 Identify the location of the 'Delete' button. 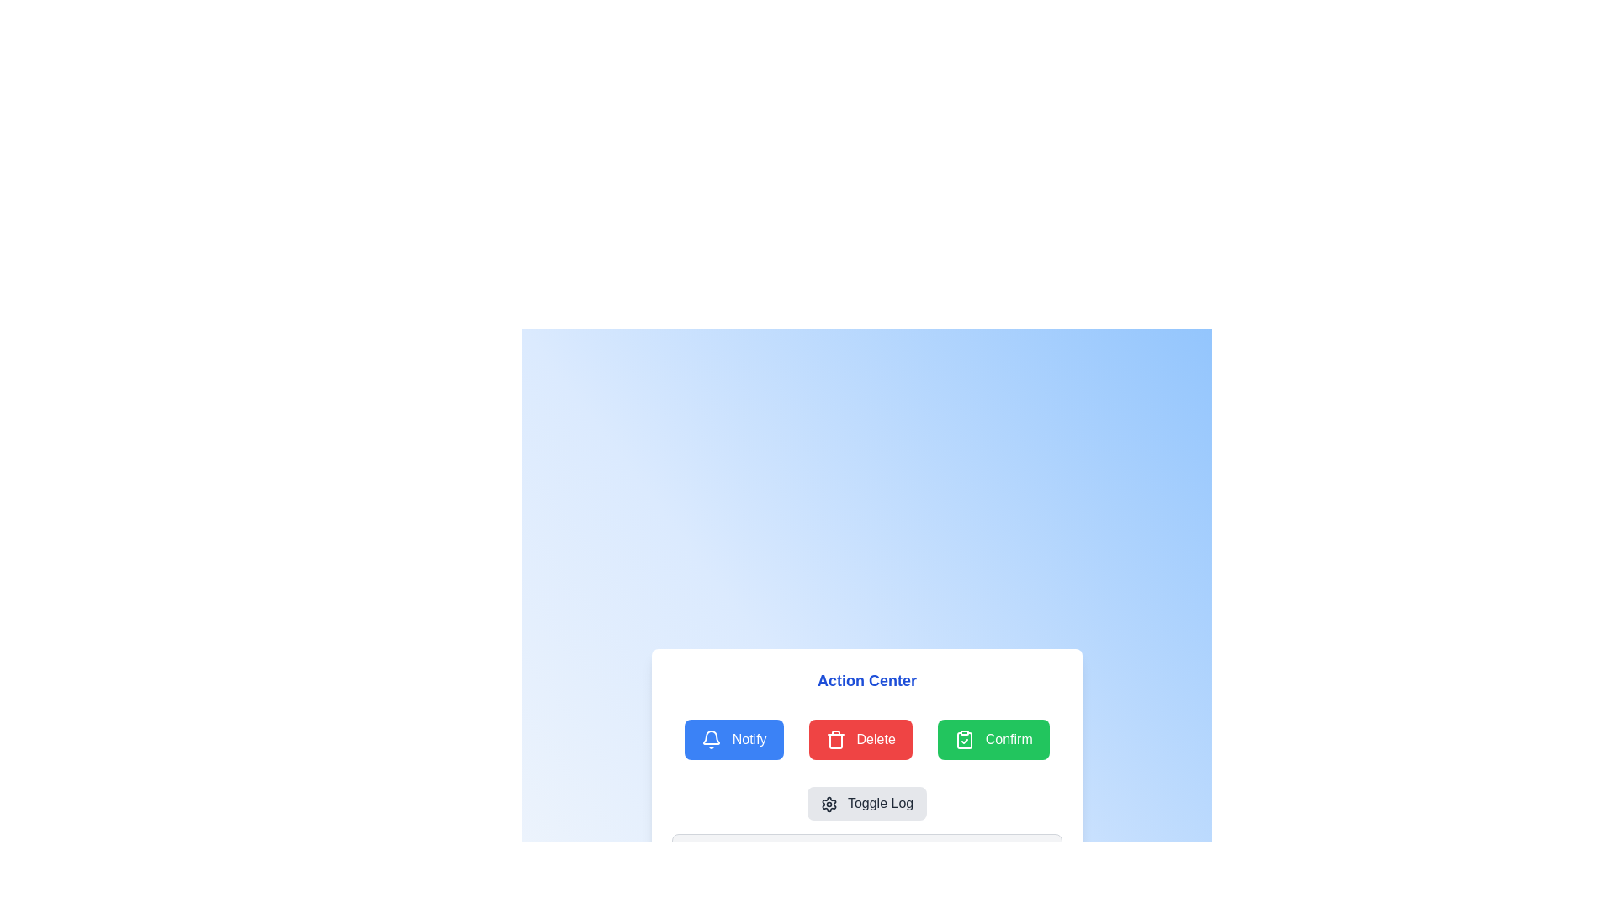
(860, 738).